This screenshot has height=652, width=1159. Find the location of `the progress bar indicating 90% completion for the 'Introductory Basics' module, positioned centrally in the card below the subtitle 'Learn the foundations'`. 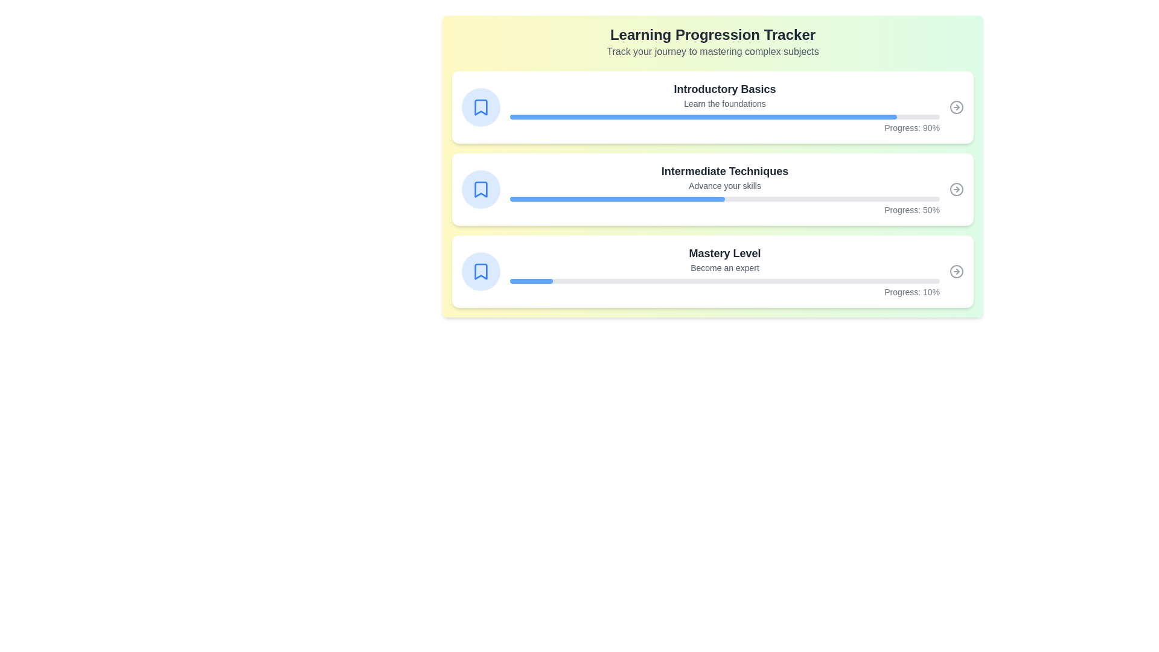

the progress bar indicating 90% completion for the 'Introductory Basics' module, positioned centrally in the card below the subtitle 'Learn the foundations' is located at coordinates (724, 117).